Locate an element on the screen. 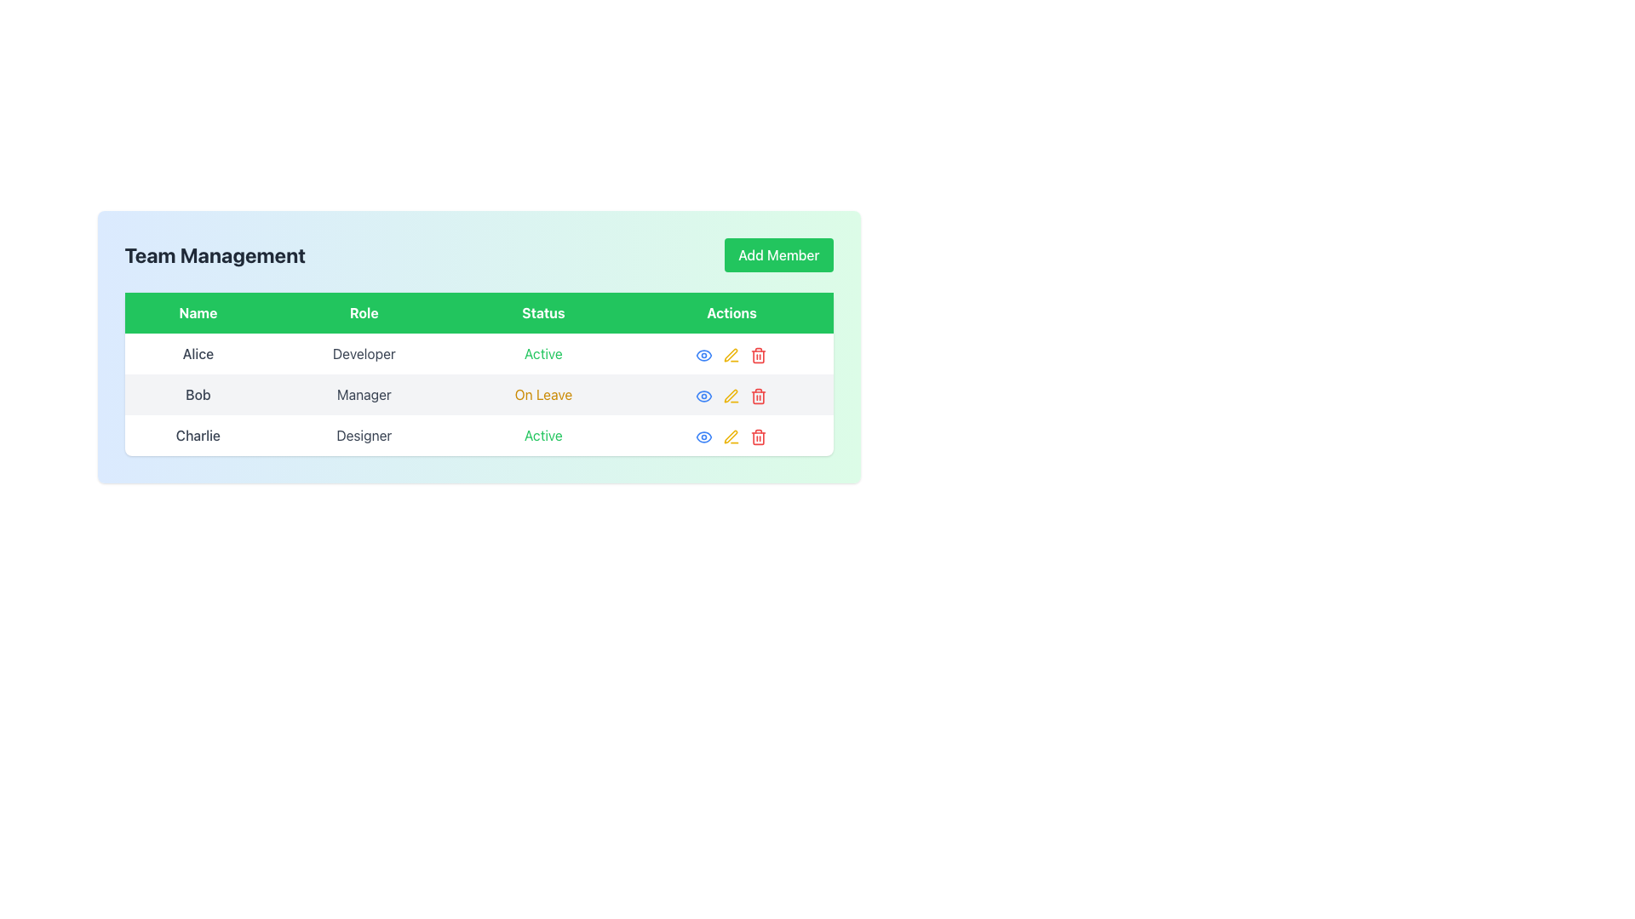  the second row of the table that summarizes an individual's details is located at coordinates (478, 353).